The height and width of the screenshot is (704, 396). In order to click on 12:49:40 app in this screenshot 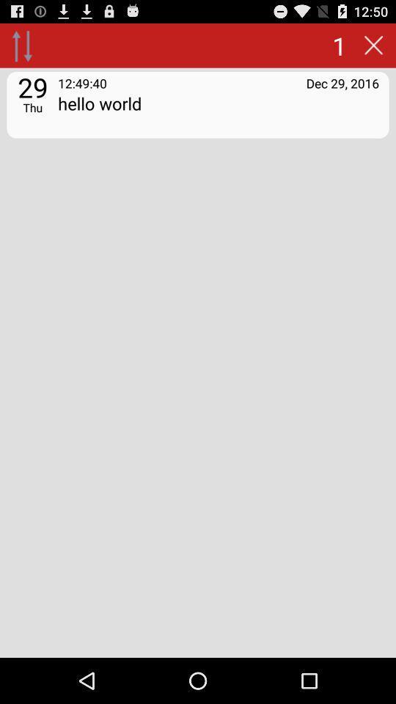, I will do `click(82, 83)`.